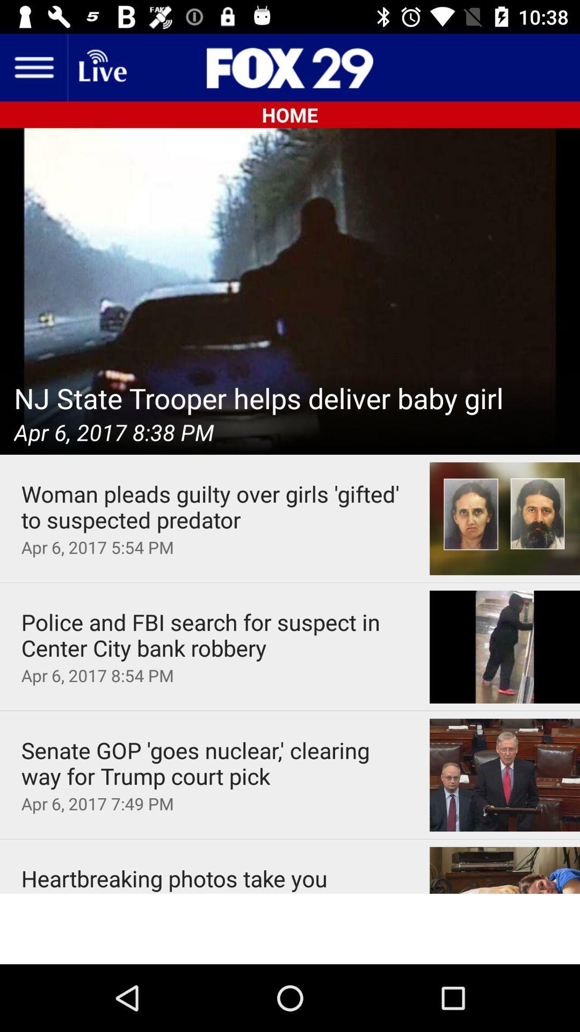  I want to click on the menu icon, so click(33, 67).